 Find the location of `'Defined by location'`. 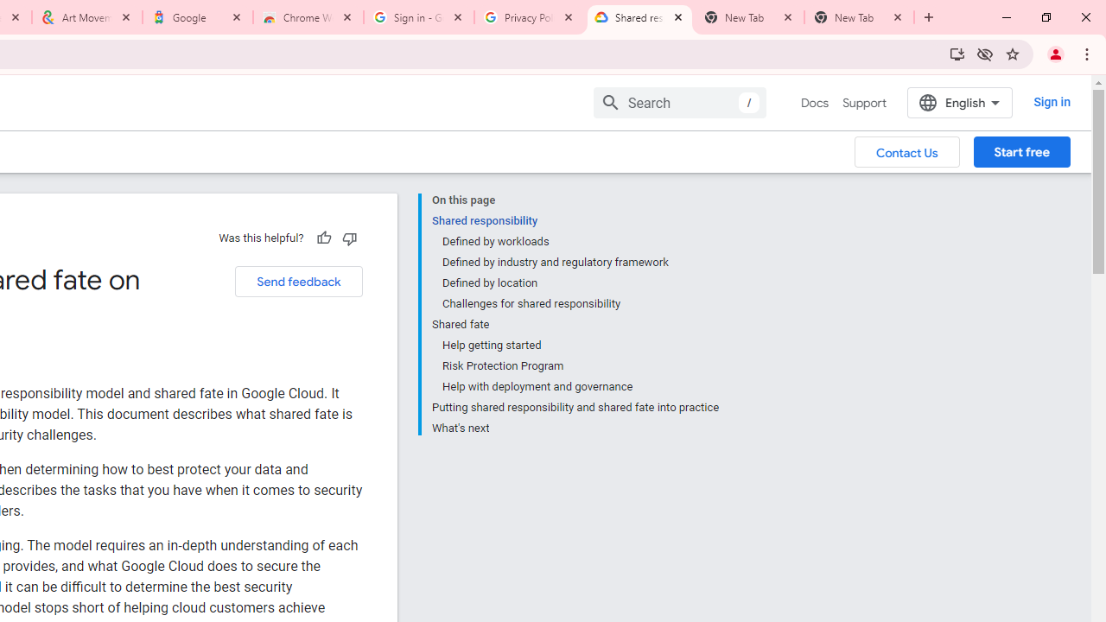

'Defined by location' is located at coordinates (580, 282).